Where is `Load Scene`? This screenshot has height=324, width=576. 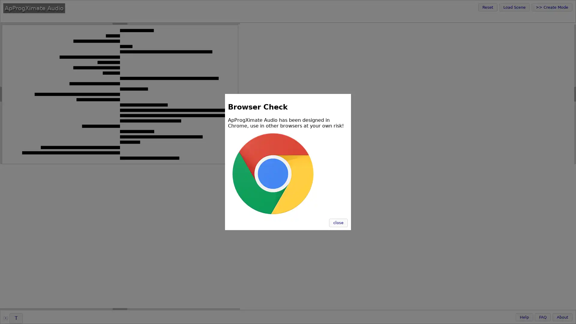
Load Scene is located at coordinates (514, 7).